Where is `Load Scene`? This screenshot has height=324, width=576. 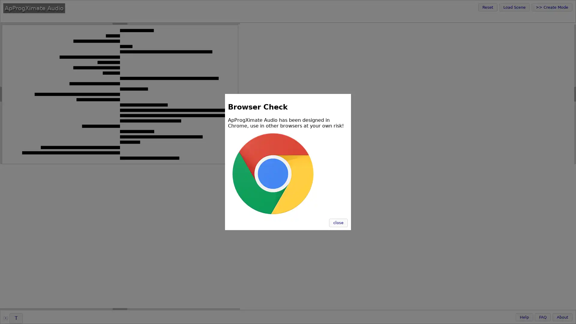
Load Scene is located at coordinates (514, 7).